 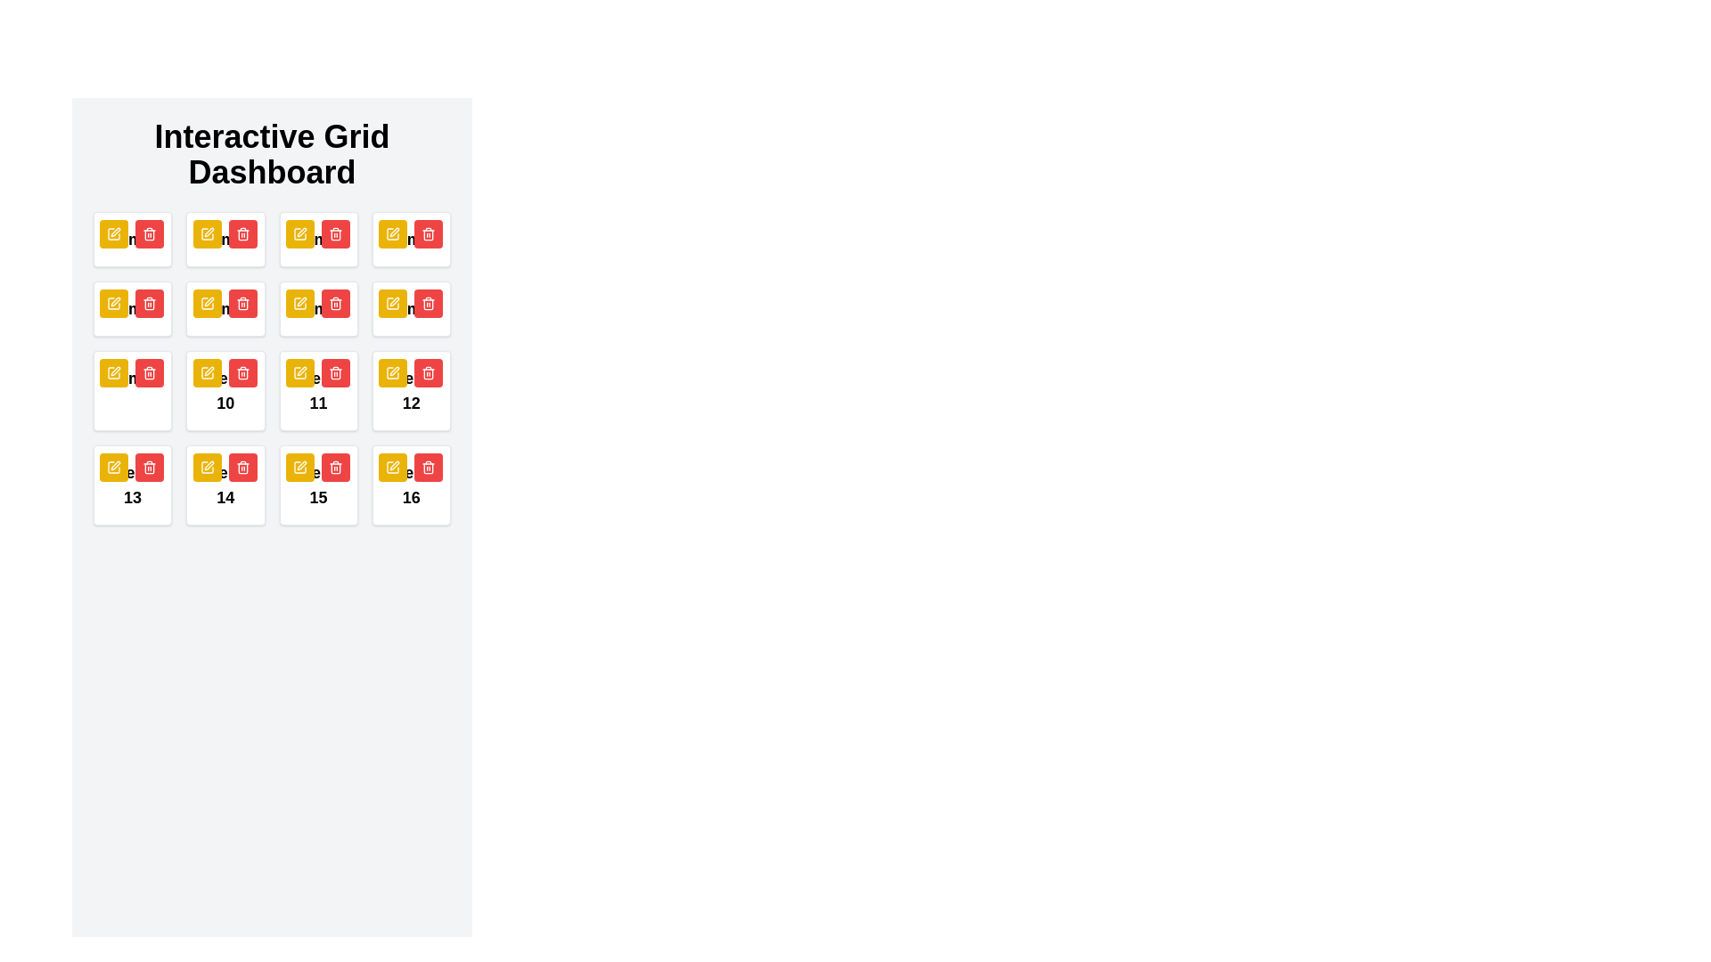 I want to click on the trash bin icon within grid item 11 of the Interactive Grid Dashboard to initiate a delete action, so click(x=428, y=302).